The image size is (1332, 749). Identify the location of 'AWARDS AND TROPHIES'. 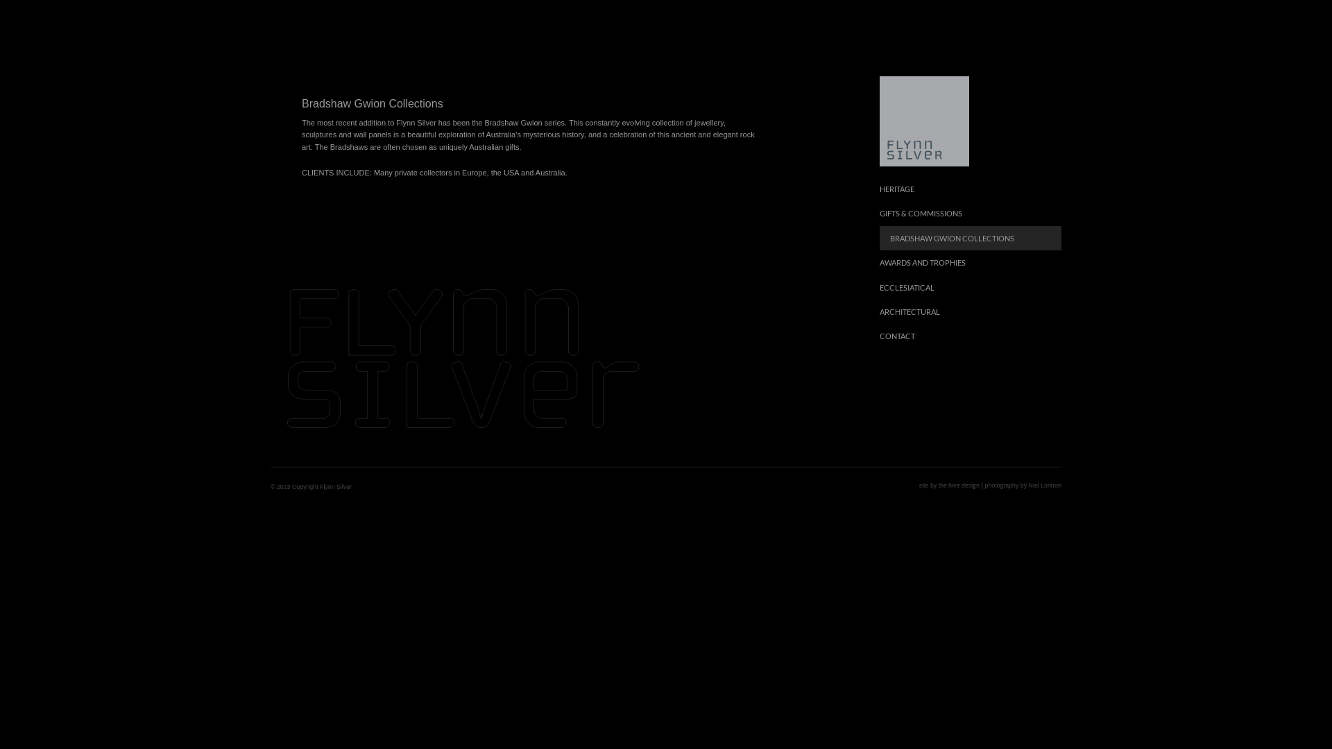
(970, 262).